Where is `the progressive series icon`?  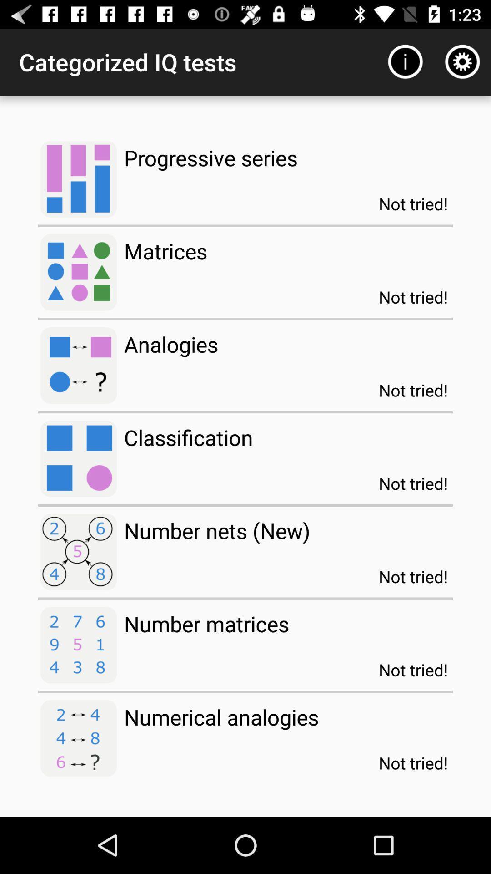
the progressive series icon is located at coordinates (210, 158).